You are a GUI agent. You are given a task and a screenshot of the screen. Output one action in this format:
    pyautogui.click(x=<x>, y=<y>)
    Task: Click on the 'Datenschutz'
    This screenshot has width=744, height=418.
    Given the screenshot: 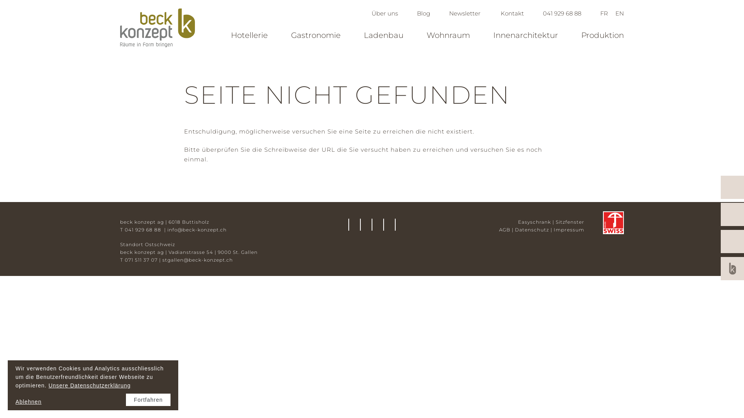 What is the action you would take?
    pyautogui.click(x=531, y=229)
    